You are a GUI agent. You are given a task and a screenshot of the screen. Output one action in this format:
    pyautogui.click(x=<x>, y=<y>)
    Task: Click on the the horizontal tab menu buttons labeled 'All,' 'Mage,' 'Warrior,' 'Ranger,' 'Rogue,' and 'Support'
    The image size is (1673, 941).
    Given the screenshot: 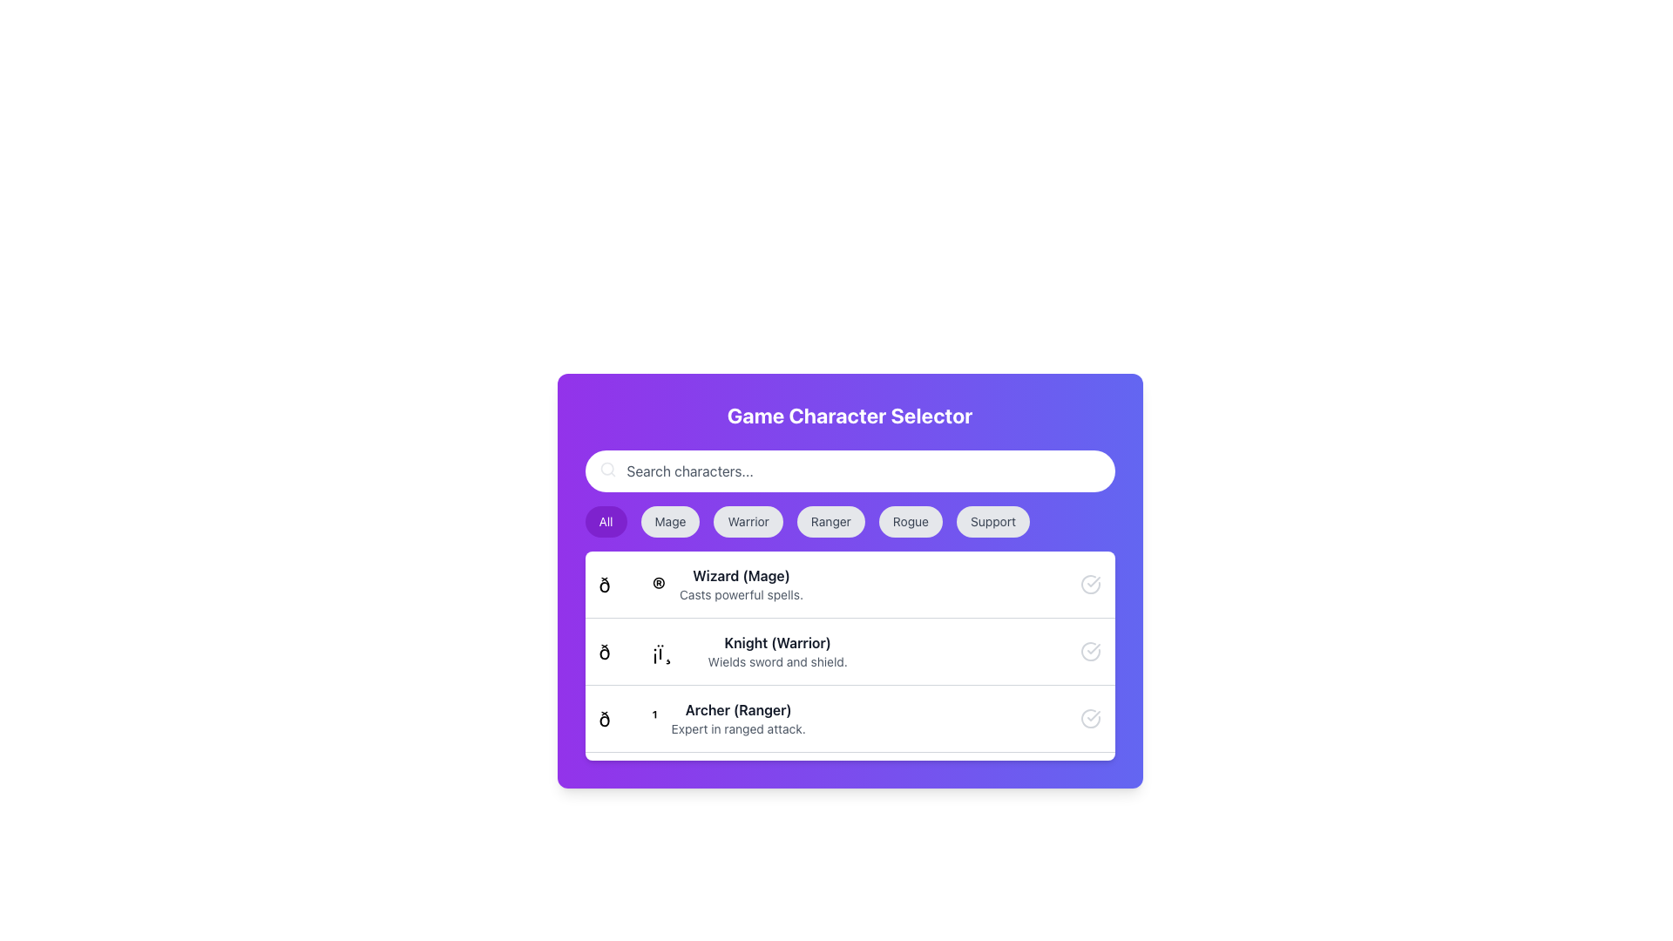 What is the action you would take?
    pyautogui.click(x=850, y=520)
    